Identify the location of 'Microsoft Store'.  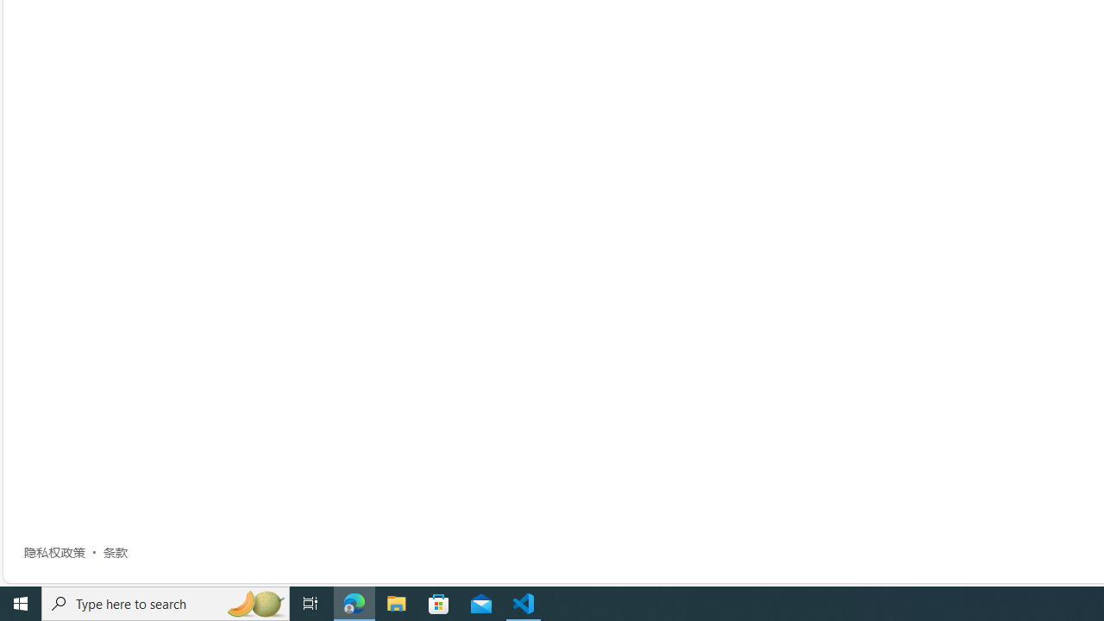
(439, 602).